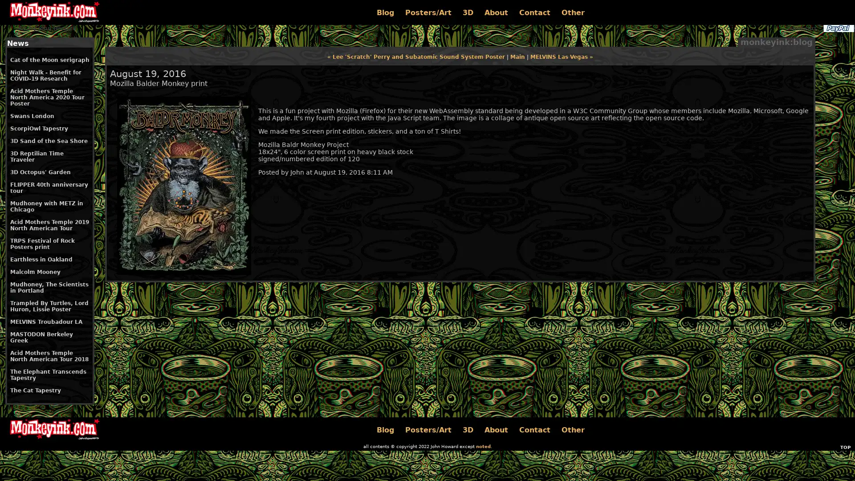 This screenshot has height=481, width=855. What do you see at coordinates (838, 28) in the screenshot?
I see `PayPal` at bounding box center [838, 28].